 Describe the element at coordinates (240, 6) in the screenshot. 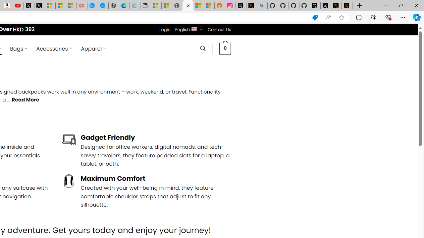

I see `'Log in to X / X'` at that location.